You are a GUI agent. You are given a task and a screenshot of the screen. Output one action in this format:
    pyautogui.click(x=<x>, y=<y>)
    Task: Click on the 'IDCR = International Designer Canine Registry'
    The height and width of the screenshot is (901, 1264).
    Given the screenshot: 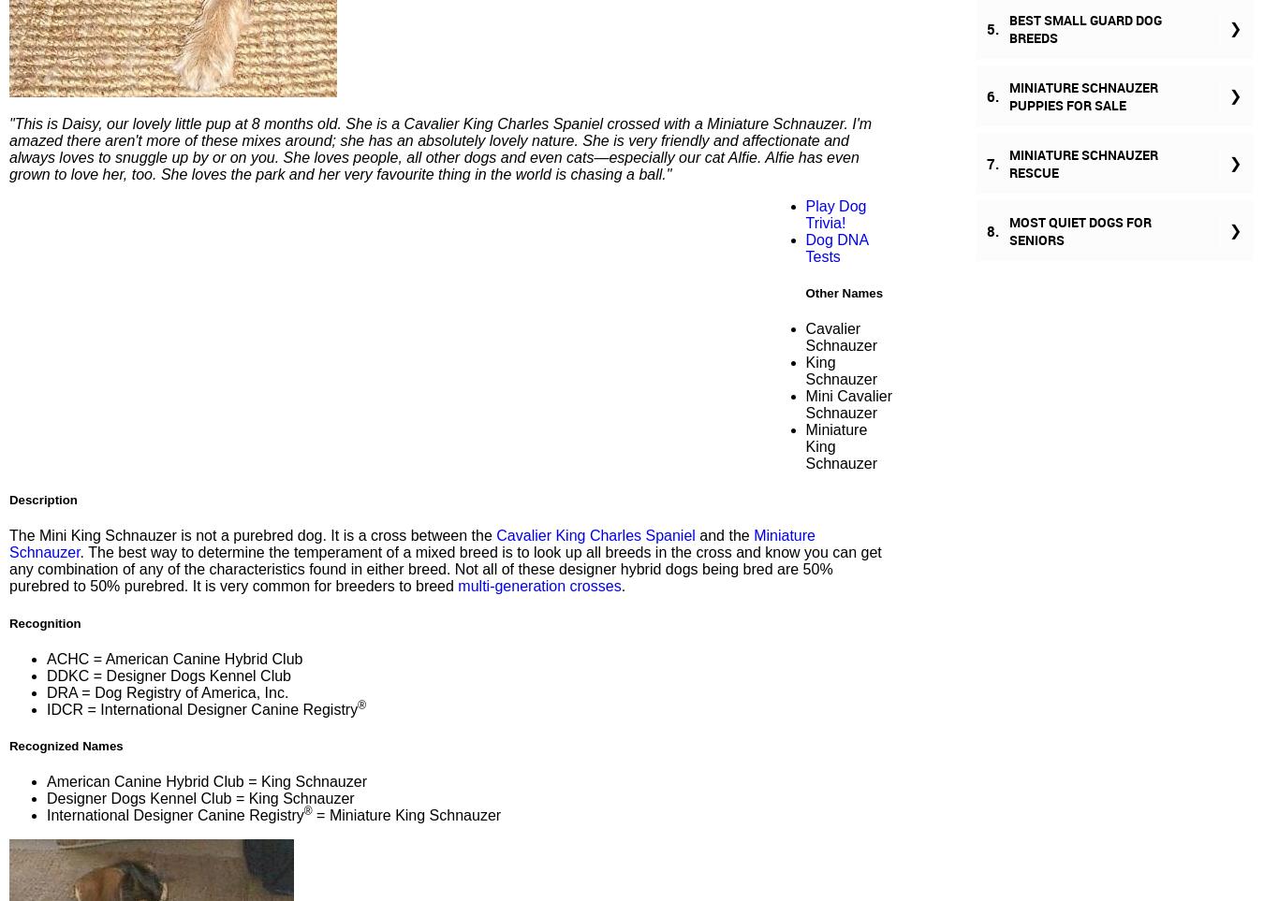 What is the action you would take?
    pyautogui.click(x=45, y=708)
    